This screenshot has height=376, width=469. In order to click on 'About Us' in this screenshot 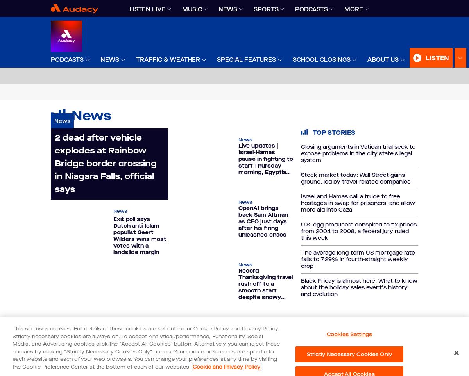, I will do `click(367, 60)`.